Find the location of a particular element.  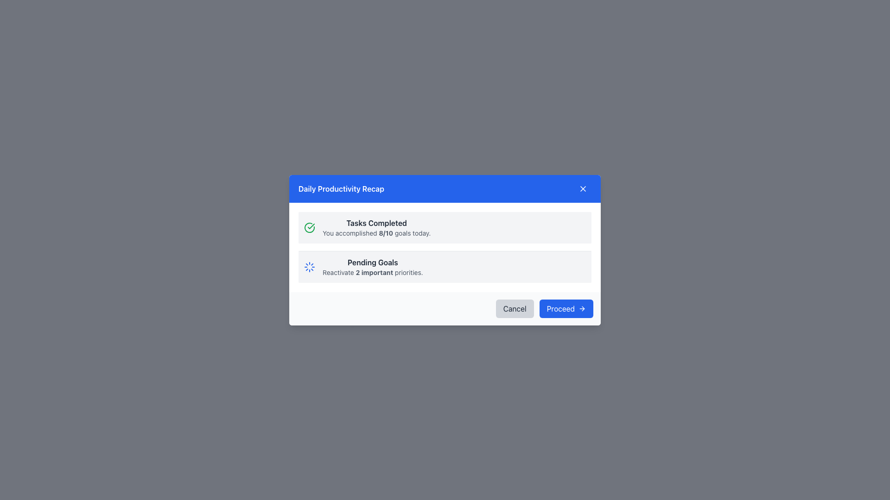

the Text Label that serves as the title of the modal, located at the top-left side of the blue background bar is located at coordinates (341, 188).